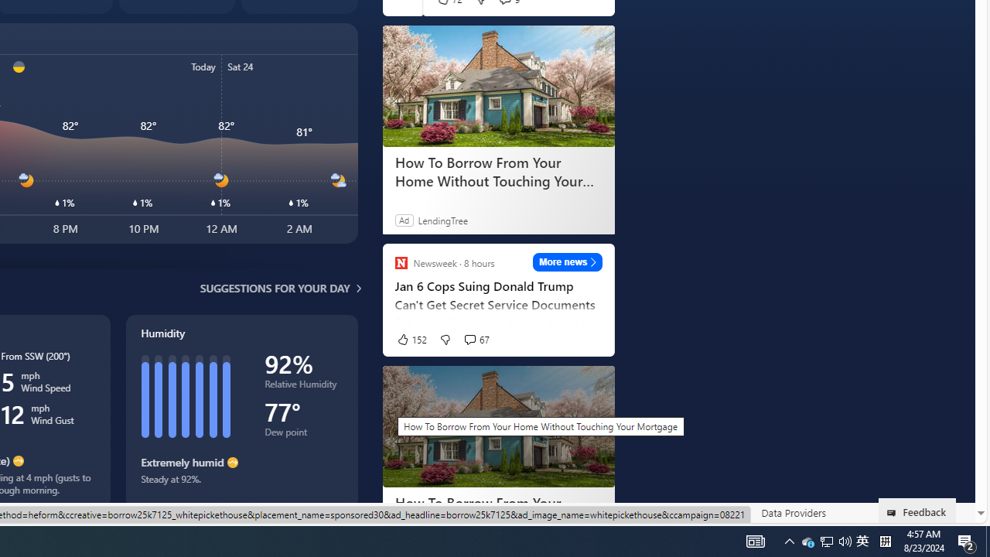 The height and width of the screenshot is (557, 990). I want to click on 'Dew point', so click(303, 435).